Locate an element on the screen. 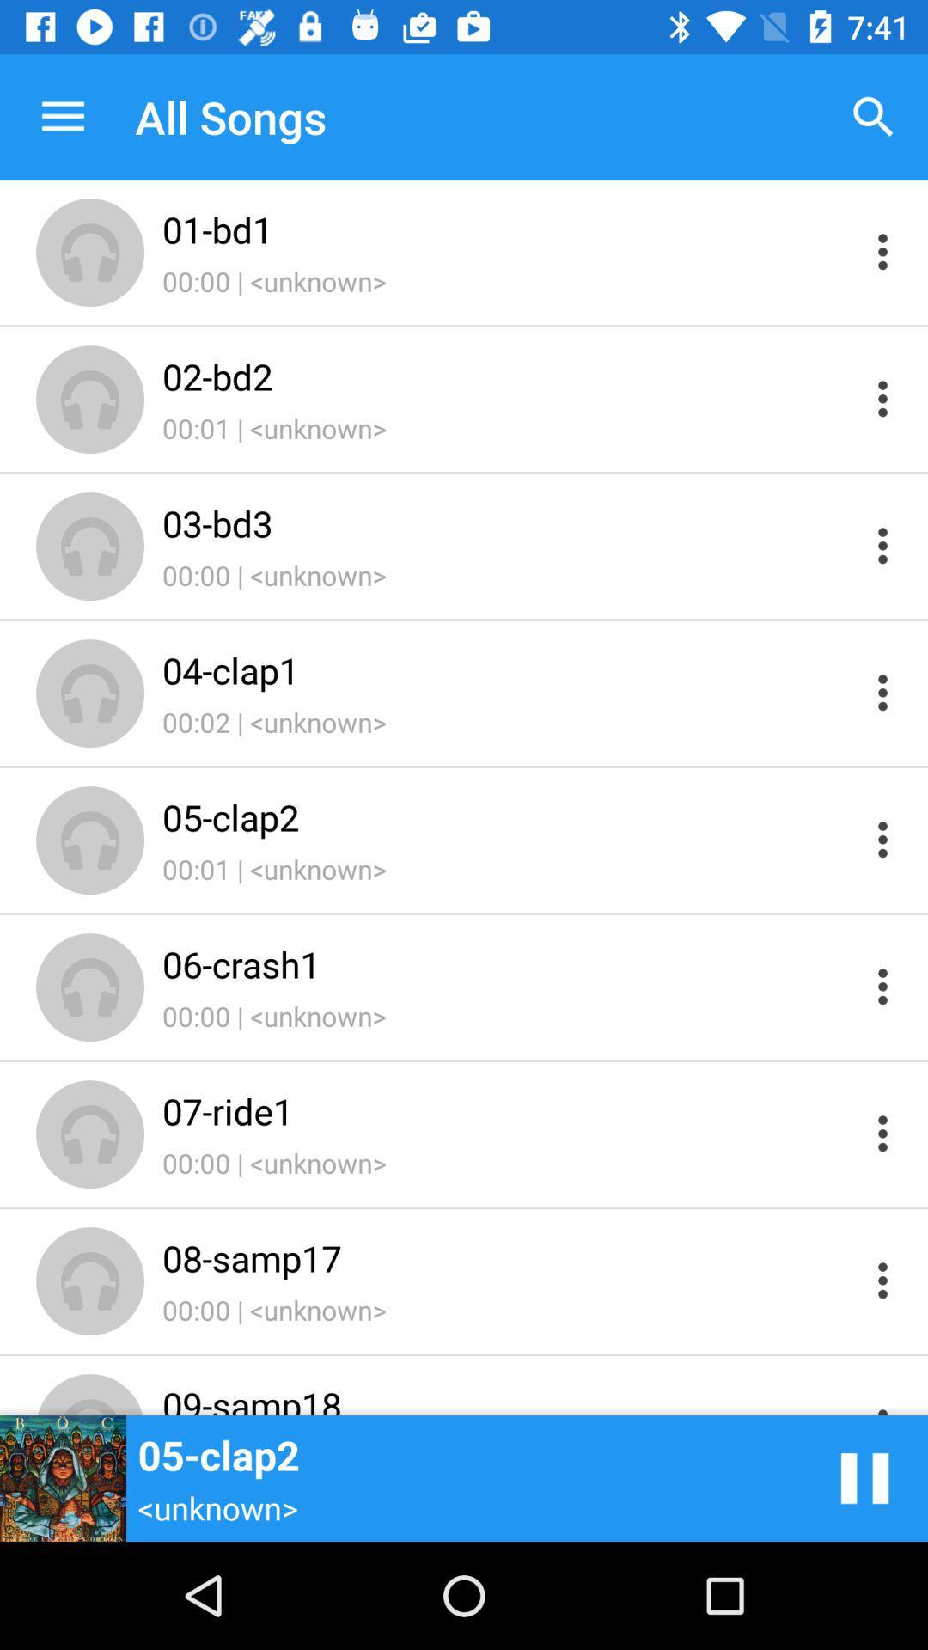  icon next to 06-crash1 icon is located at coordinates (864, 1477).